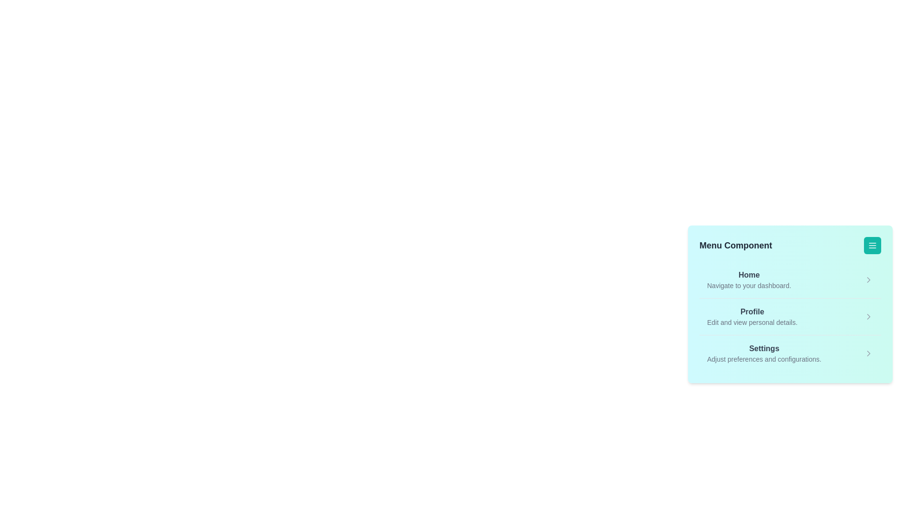 The height and width of the screenshot is (516, 918). Describe the element at coordinates (869, 279) in the screenshot. I see `arrow icon next to the menu item labeled Home` at that location.